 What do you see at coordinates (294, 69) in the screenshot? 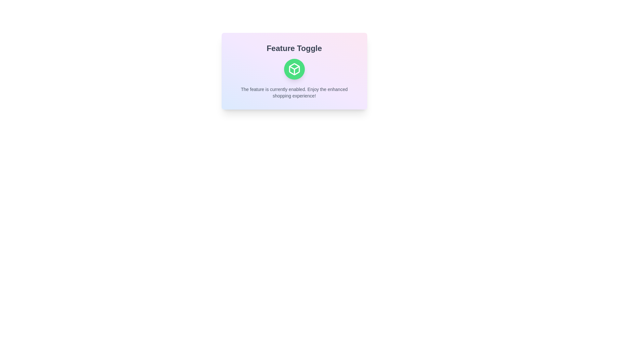
I see `the circular green button with a white box icon` at bounding box center [294, 69].